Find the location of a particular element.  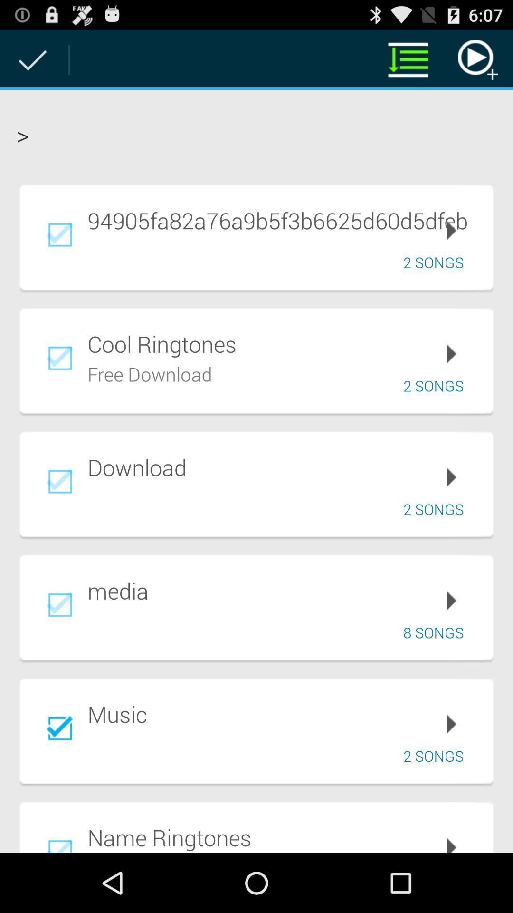

the app below cool ringtones item is located at coordinates (150, 372).